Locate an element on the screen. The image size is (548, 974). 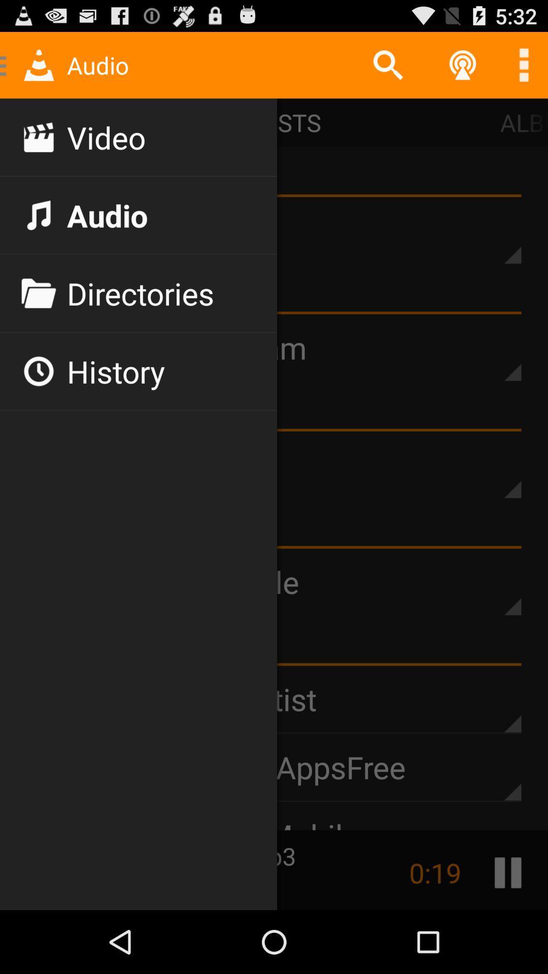
the pause icon is located at coordinates (508, 933).